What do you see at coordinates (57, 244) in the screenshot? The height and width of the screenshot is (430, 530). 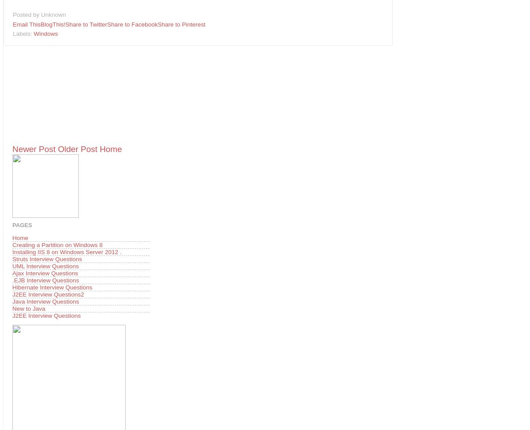 I see `'Creating a Partition on Windows 8'` at bounding box center [57, 244].